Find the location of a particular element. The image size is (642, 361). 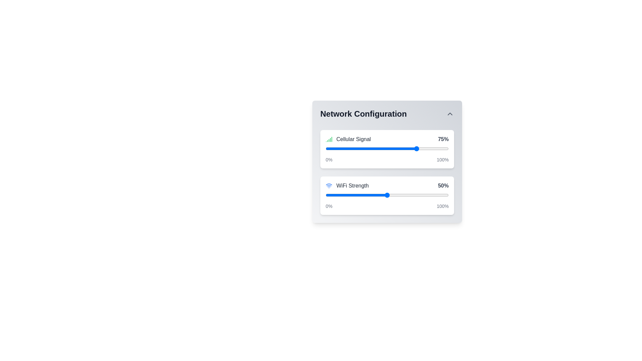

the cellular signal strength is located at coordinates (429, 148).